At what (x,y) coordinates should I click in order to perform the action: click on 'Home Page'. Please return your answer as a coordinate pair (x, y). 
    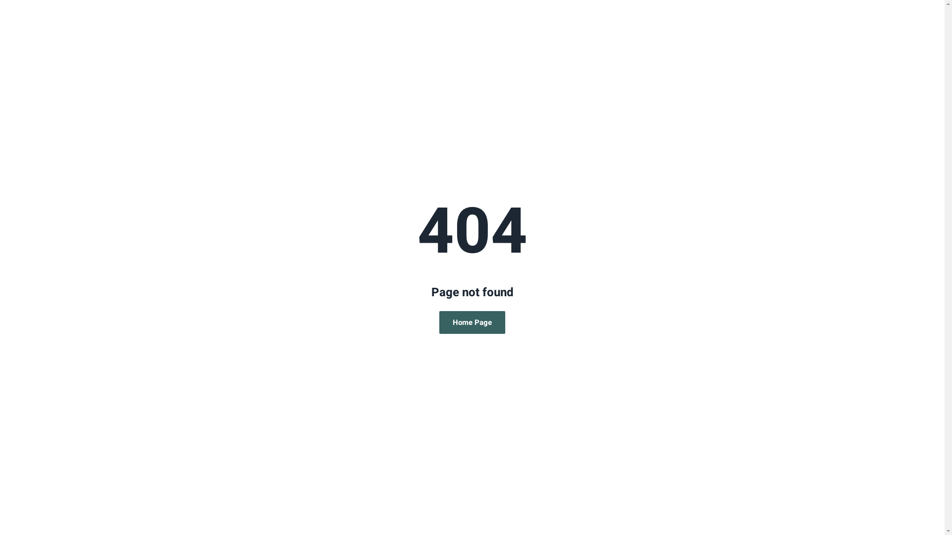
    Looking at the image, I should click on (439, 322).